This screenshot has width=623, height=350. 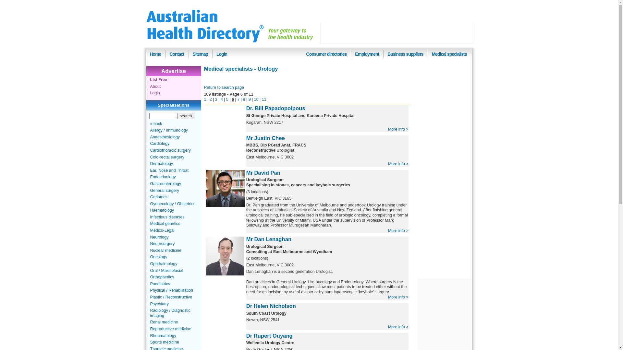 I want to click on 'Allergy / Immunology', so click(x=169, y=130).